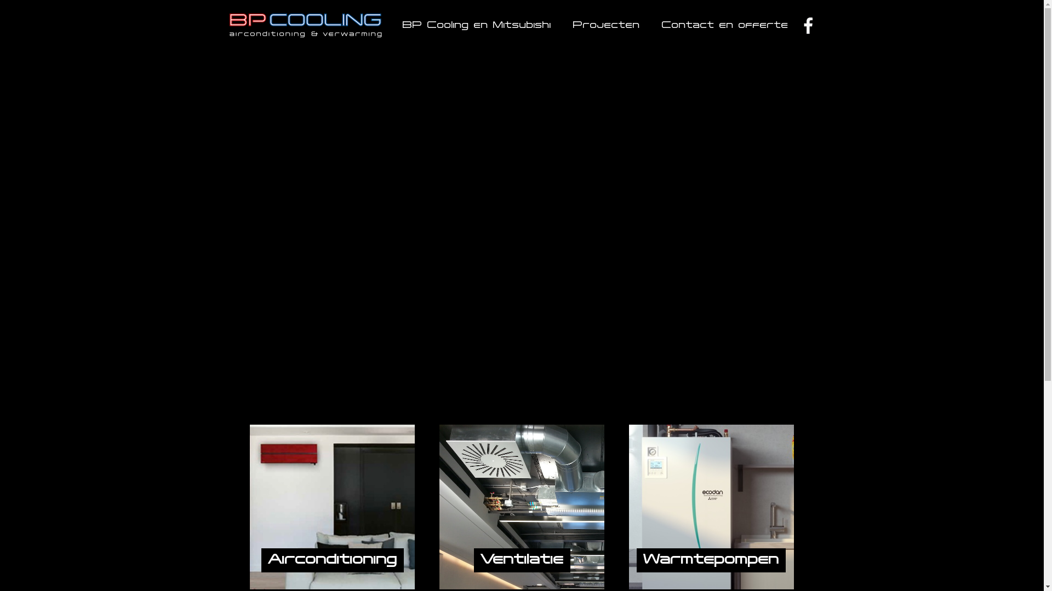  Describe the element at coordinates (331, 499) in the screenshot. I see `'Airconditioning'` at that location.